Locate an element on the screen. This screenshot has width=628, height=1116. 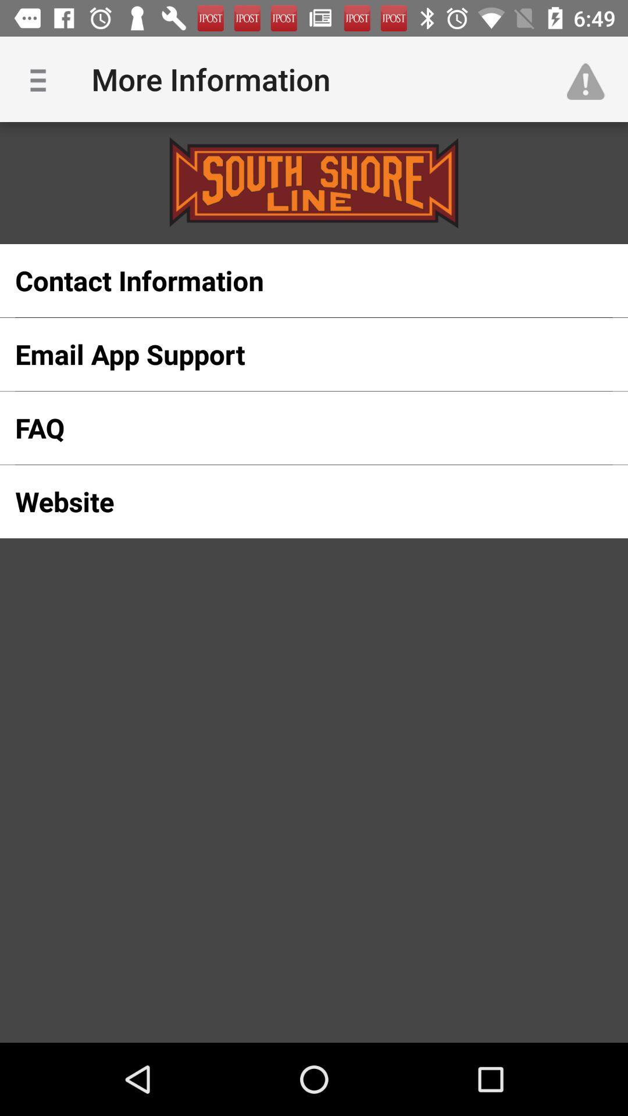
the icon next to the more information is located at coordinates (42, 78).